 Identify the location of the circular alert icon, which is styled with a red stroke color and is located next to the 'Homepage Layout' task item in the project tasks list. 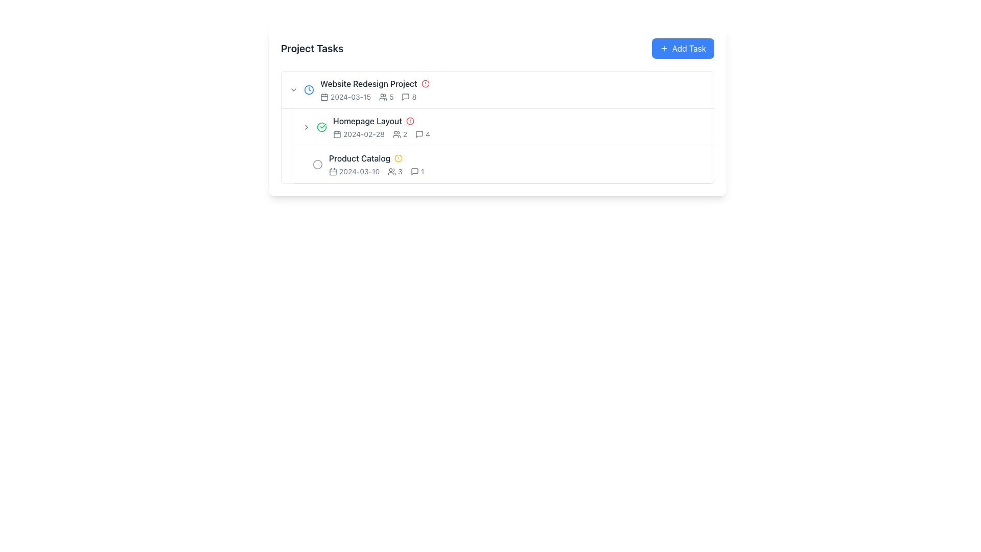
(410, 120).